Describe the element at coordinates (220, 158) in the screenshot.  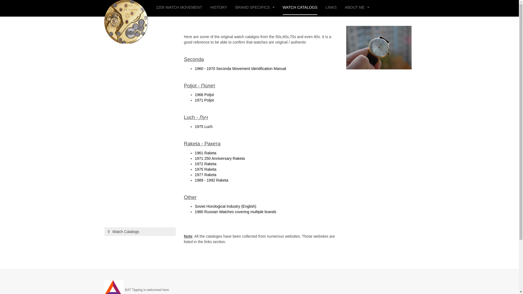
I see `'1971 250 Anniversary Raketa'` at that location.